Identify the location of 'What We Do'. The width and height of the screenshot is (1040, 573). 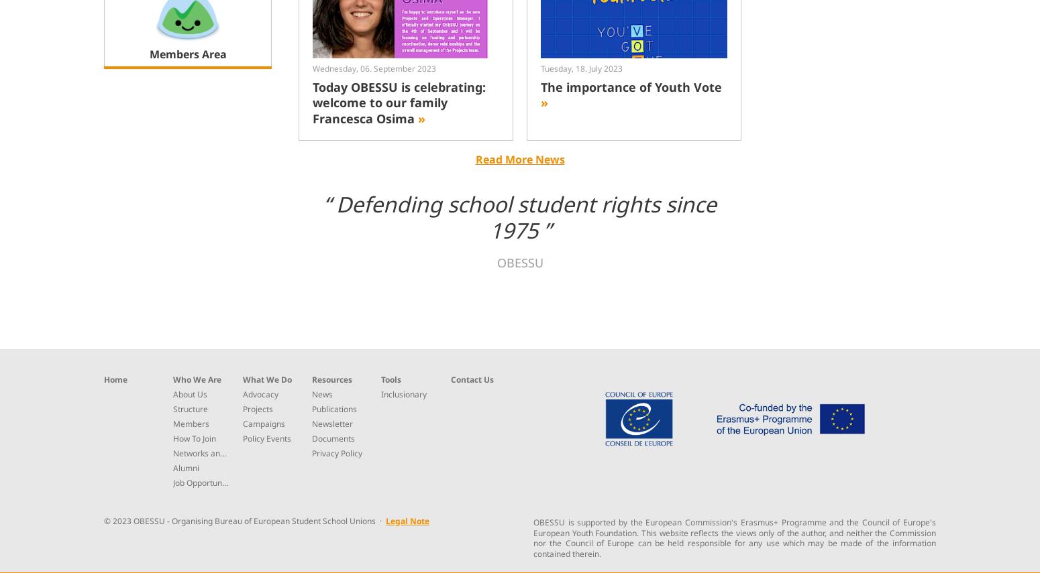
(266, 378).